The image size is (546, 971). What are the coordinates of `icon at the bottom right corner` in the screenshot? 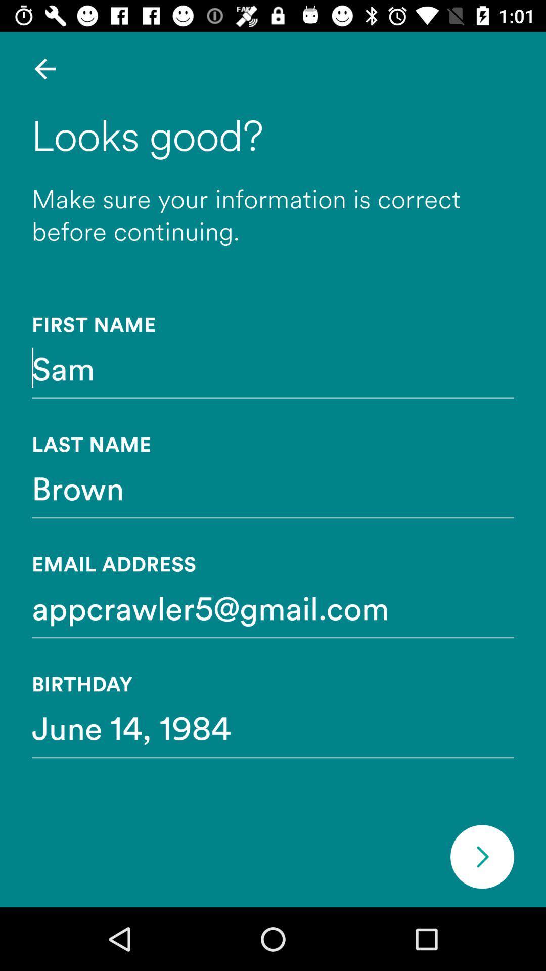 It's located at (481, 856).